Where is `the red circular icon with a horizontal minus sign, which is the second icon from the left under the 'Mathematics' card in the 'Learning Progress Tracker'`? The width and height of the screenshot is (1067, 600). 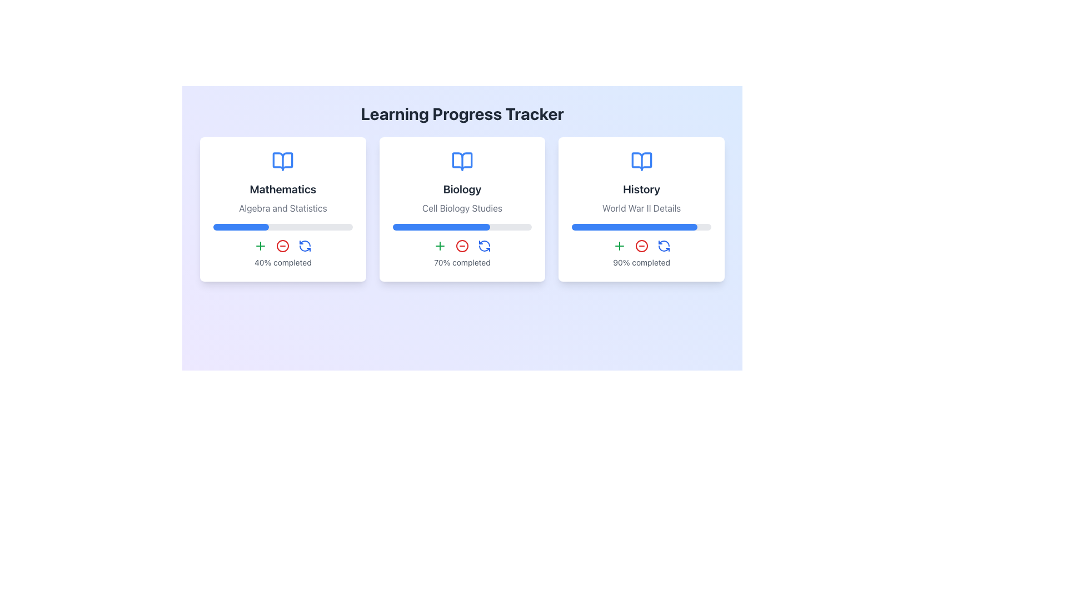 the red circular icon with a horizontal minus sign, which is the second icon from the left under the 'Mathematics' card in the 'Learning Progress Tracker' is located at coordinates (283, 246).